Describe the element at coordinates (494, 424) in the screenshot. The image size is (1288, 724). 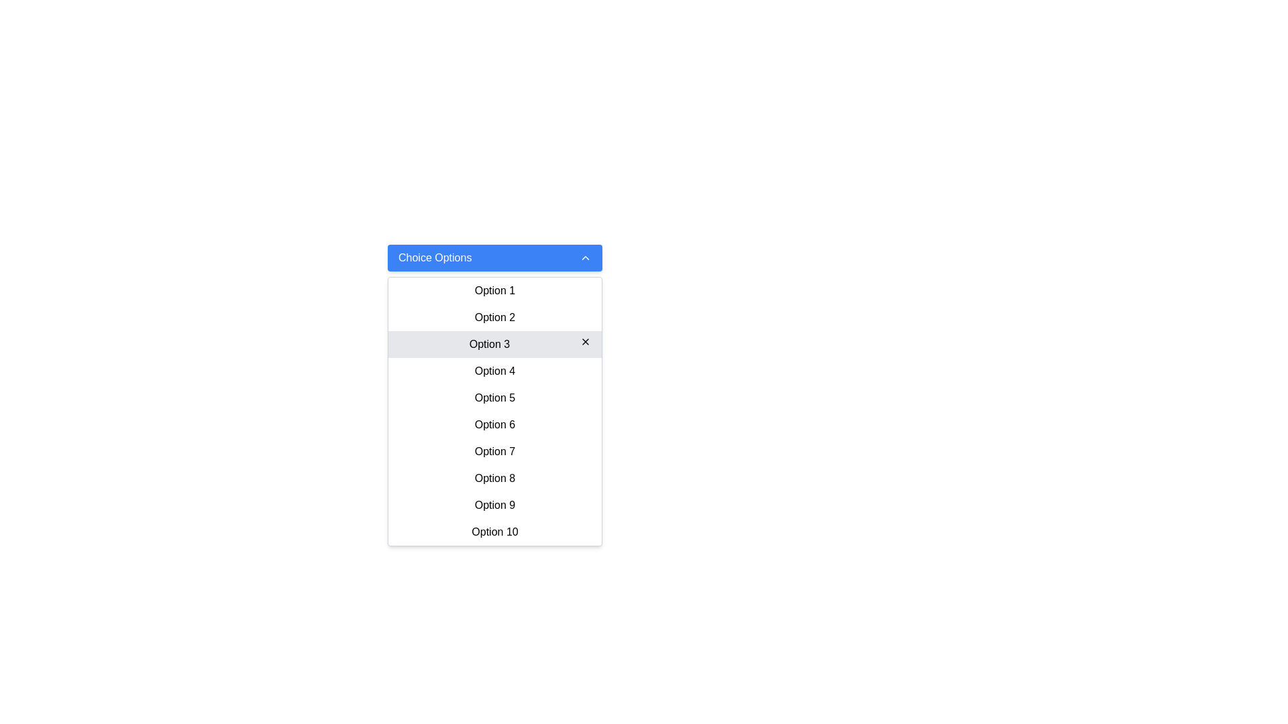
I see `the sixth option in the dropdown menu` at that location.